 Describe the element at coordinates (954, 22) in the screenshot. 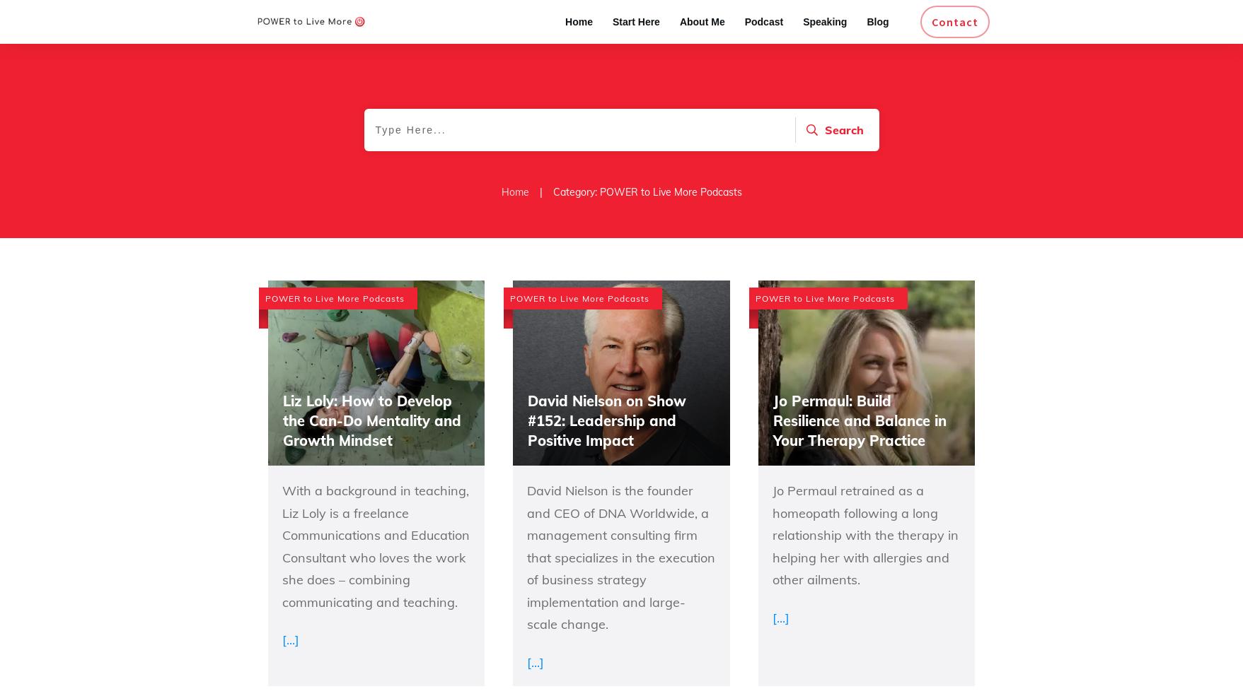

I see `'Contact'` at that location.